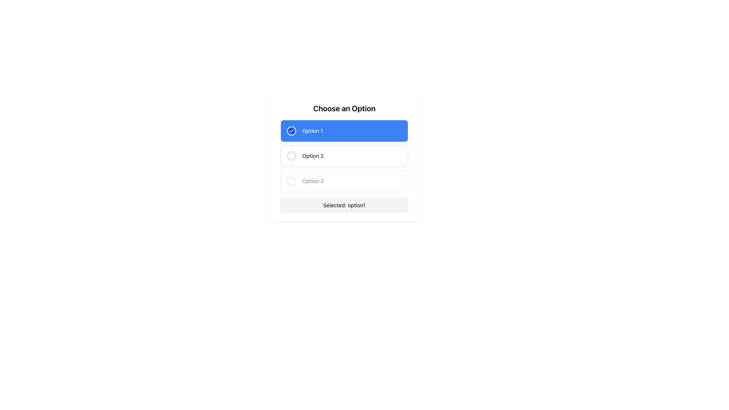  Describe the element at coordinates (344, 130) in the screenshot. I see `the first radio button labeled 'Choose an Option'` at that location.